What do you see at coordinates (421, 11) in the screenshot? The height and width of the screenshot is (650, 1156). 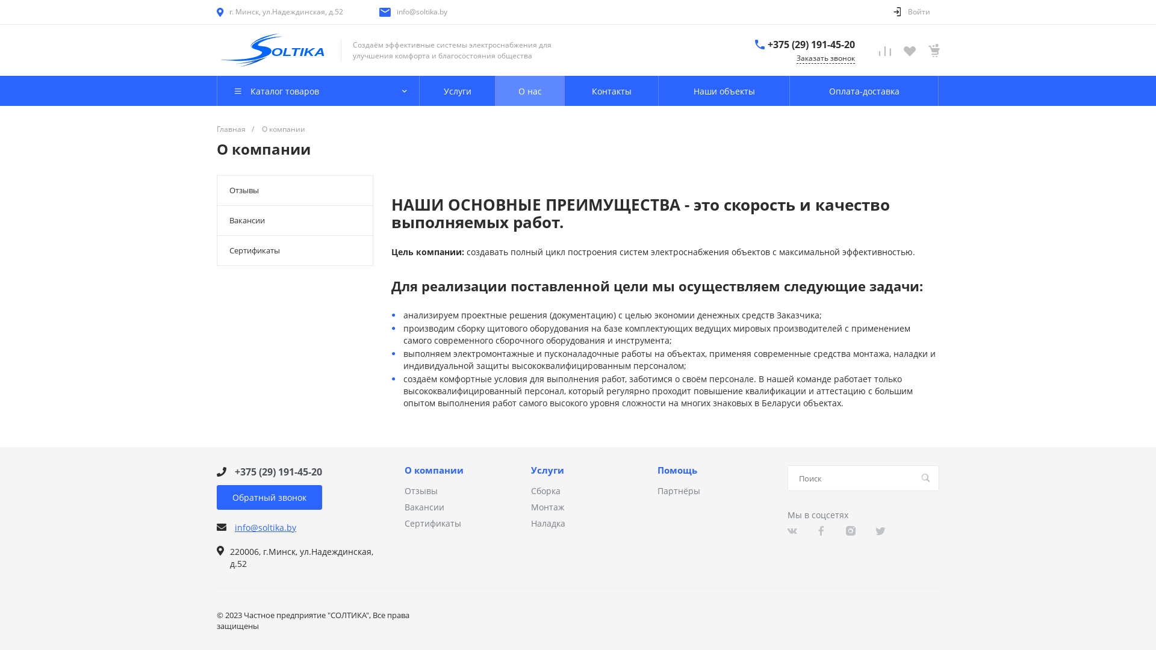 I see `'info@soltika.by'` at bounding box center [421, 11].